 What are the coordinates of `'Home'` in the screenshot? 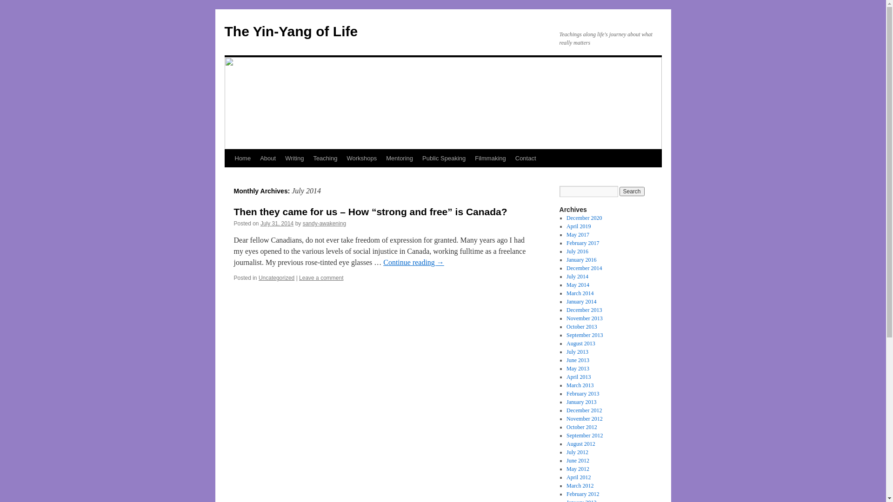 It's located at (242, 158).